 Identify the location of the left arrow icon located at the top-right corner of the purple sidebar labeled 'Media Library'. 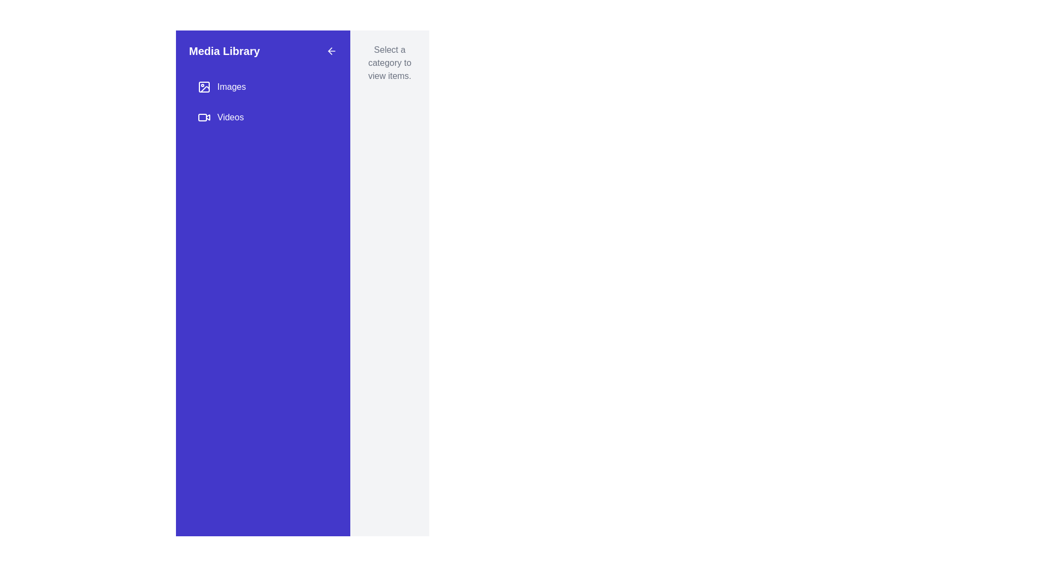
(331, 51).